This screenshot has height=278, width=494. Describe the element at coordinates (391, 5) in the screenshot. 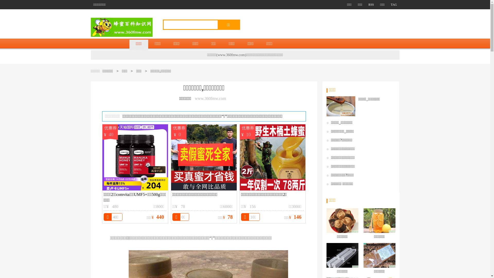

I see `'TAG'` at that location.